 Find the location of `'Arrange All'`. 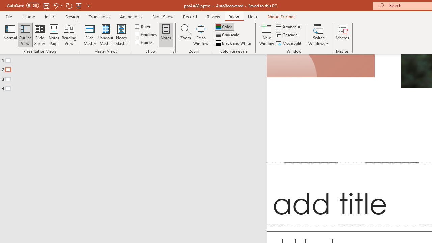

'Arrange All' is located at coordinates (290, 26).